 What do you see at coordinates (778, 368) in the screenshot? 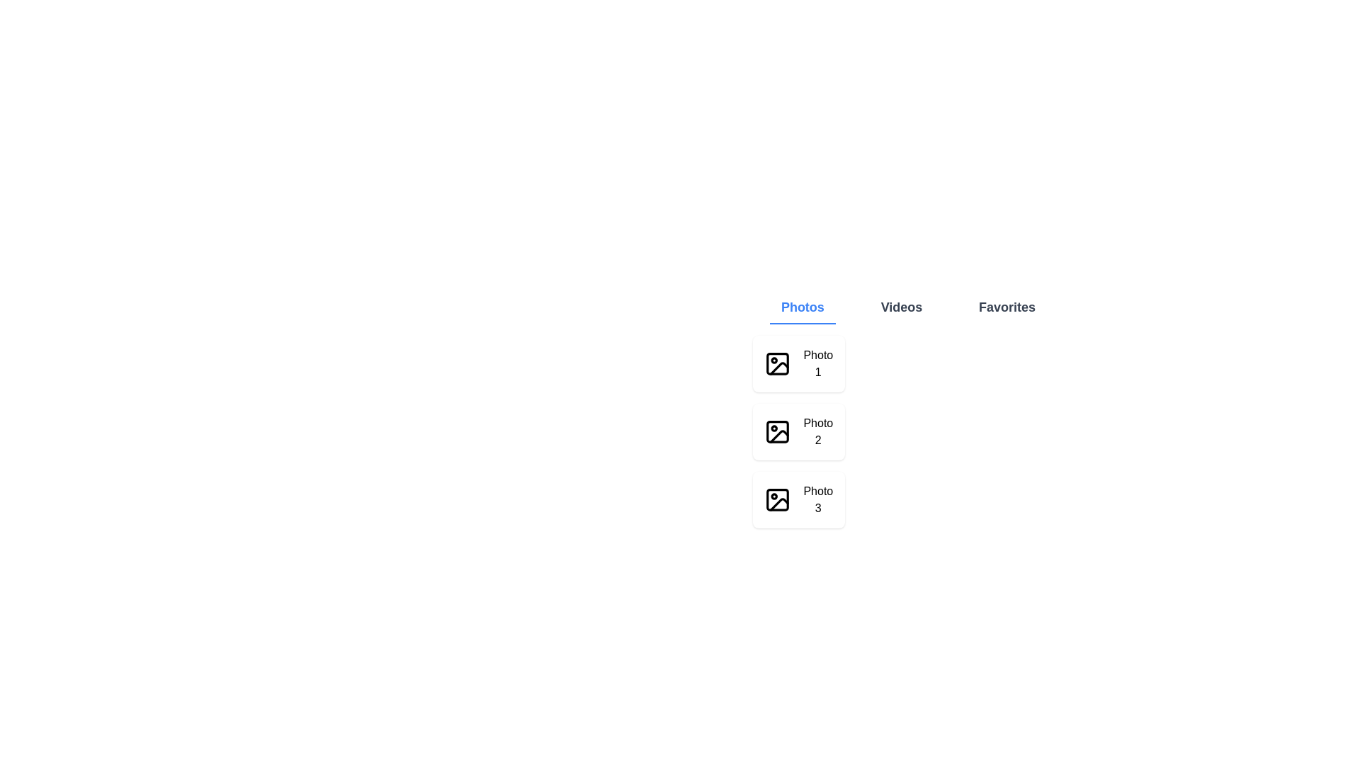
I see `the graphical icon area to the left of the 'Photo 1' label in the first item of the 'Photos' list` at bounding box center [778, 368].